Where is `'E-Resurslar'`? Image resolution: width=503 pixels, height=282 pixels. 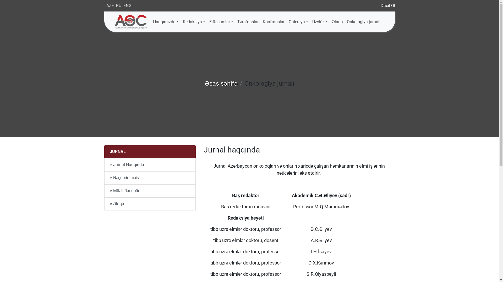 'E-Resurslar' is located at coordinates (207, 22).